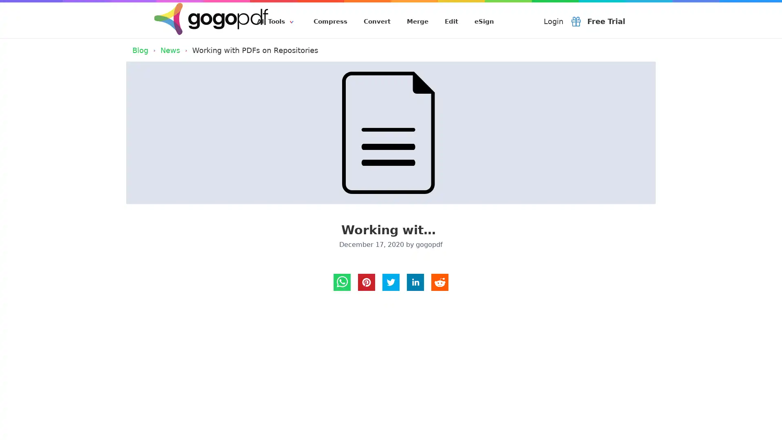 This screenshot has width=782, height=440. I want to click on reddit, so click(439, 282).